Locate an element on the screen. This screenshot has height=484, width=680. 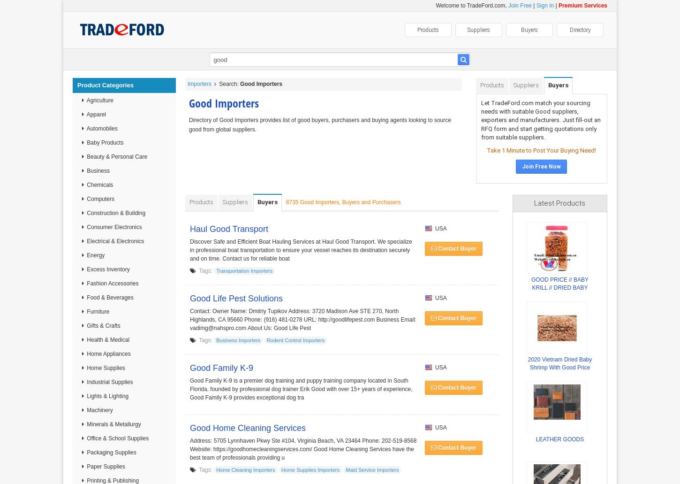
'Business' is located at coordinates (97, 170).